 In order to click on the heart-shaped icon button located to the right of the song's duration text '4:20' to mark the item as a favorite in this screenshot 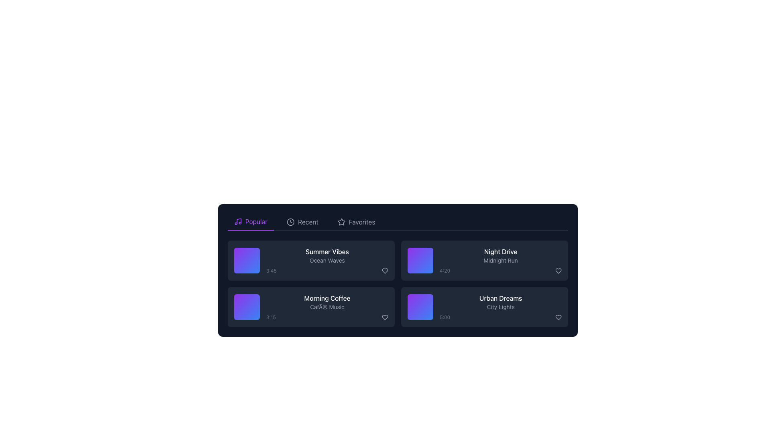, I will do `click(558, 271)`.